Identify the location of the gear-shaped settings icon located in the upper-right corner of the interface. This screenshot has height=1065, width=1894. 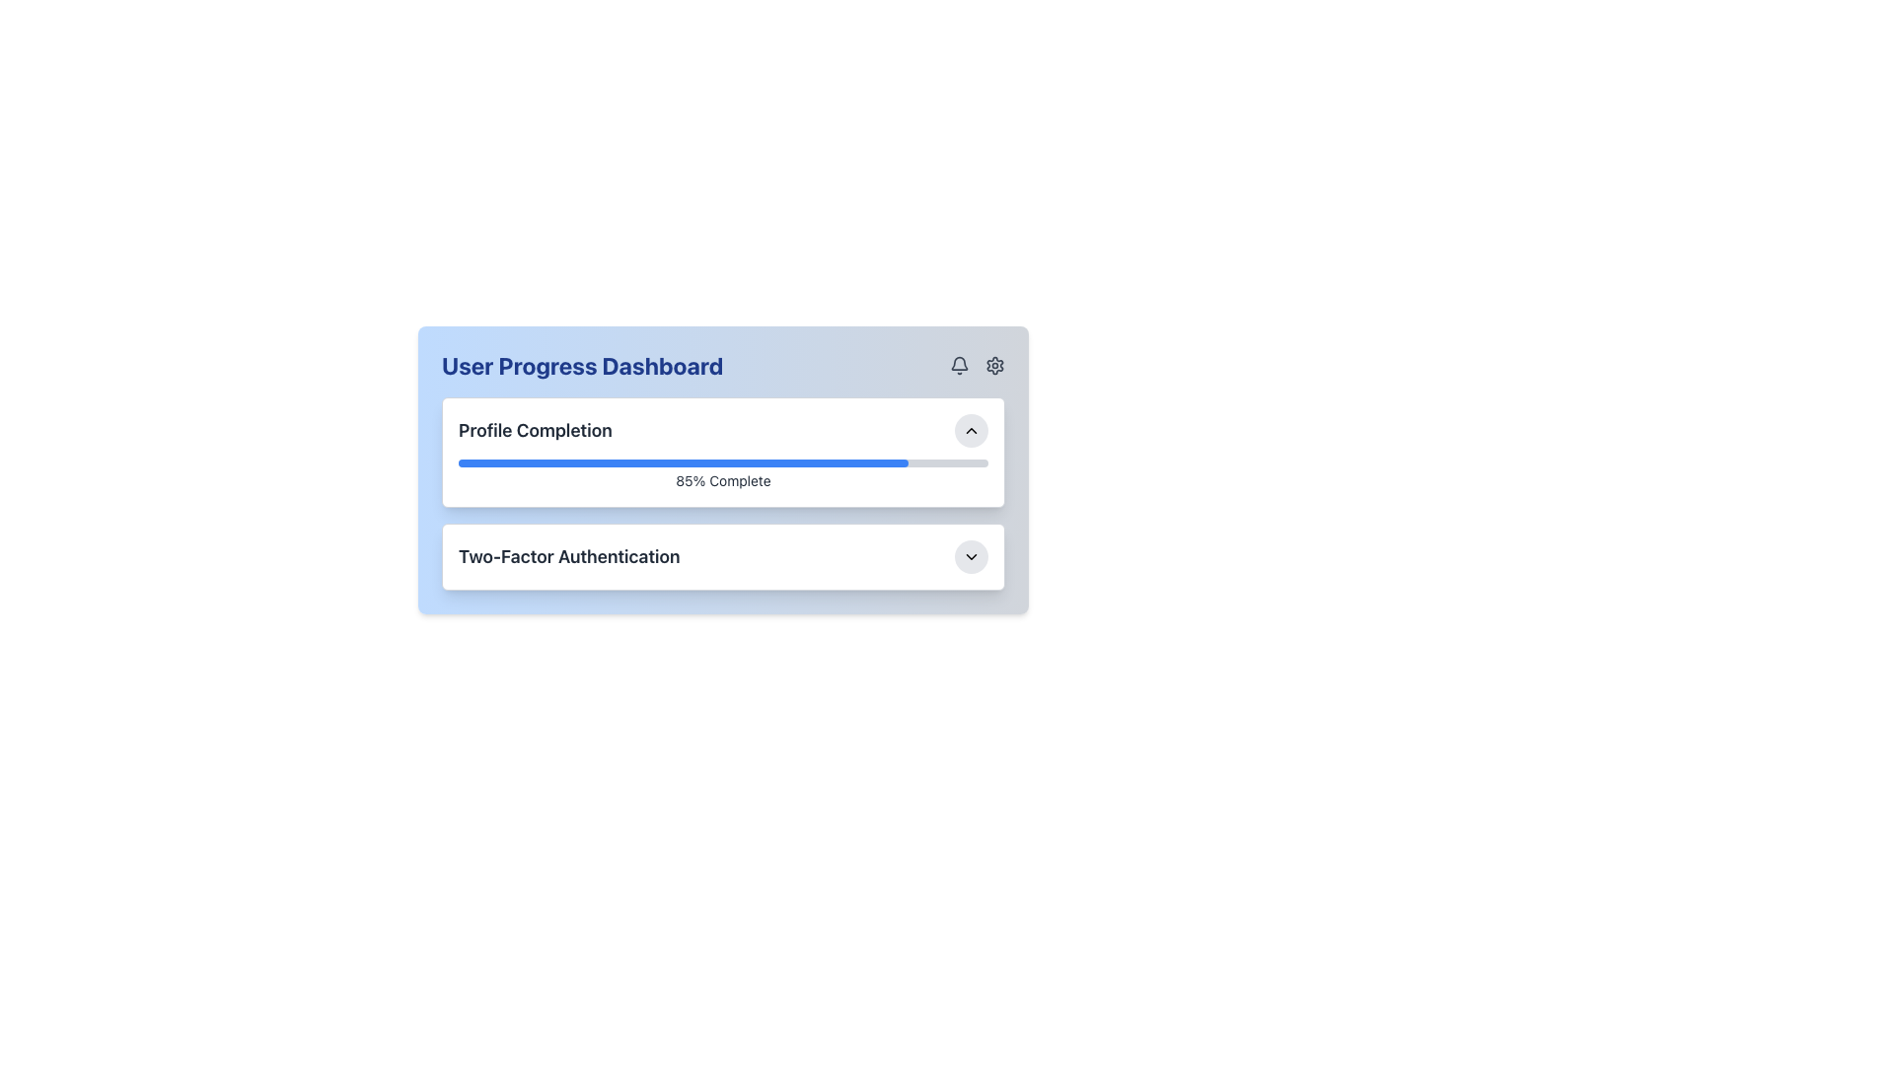
(994, 365).